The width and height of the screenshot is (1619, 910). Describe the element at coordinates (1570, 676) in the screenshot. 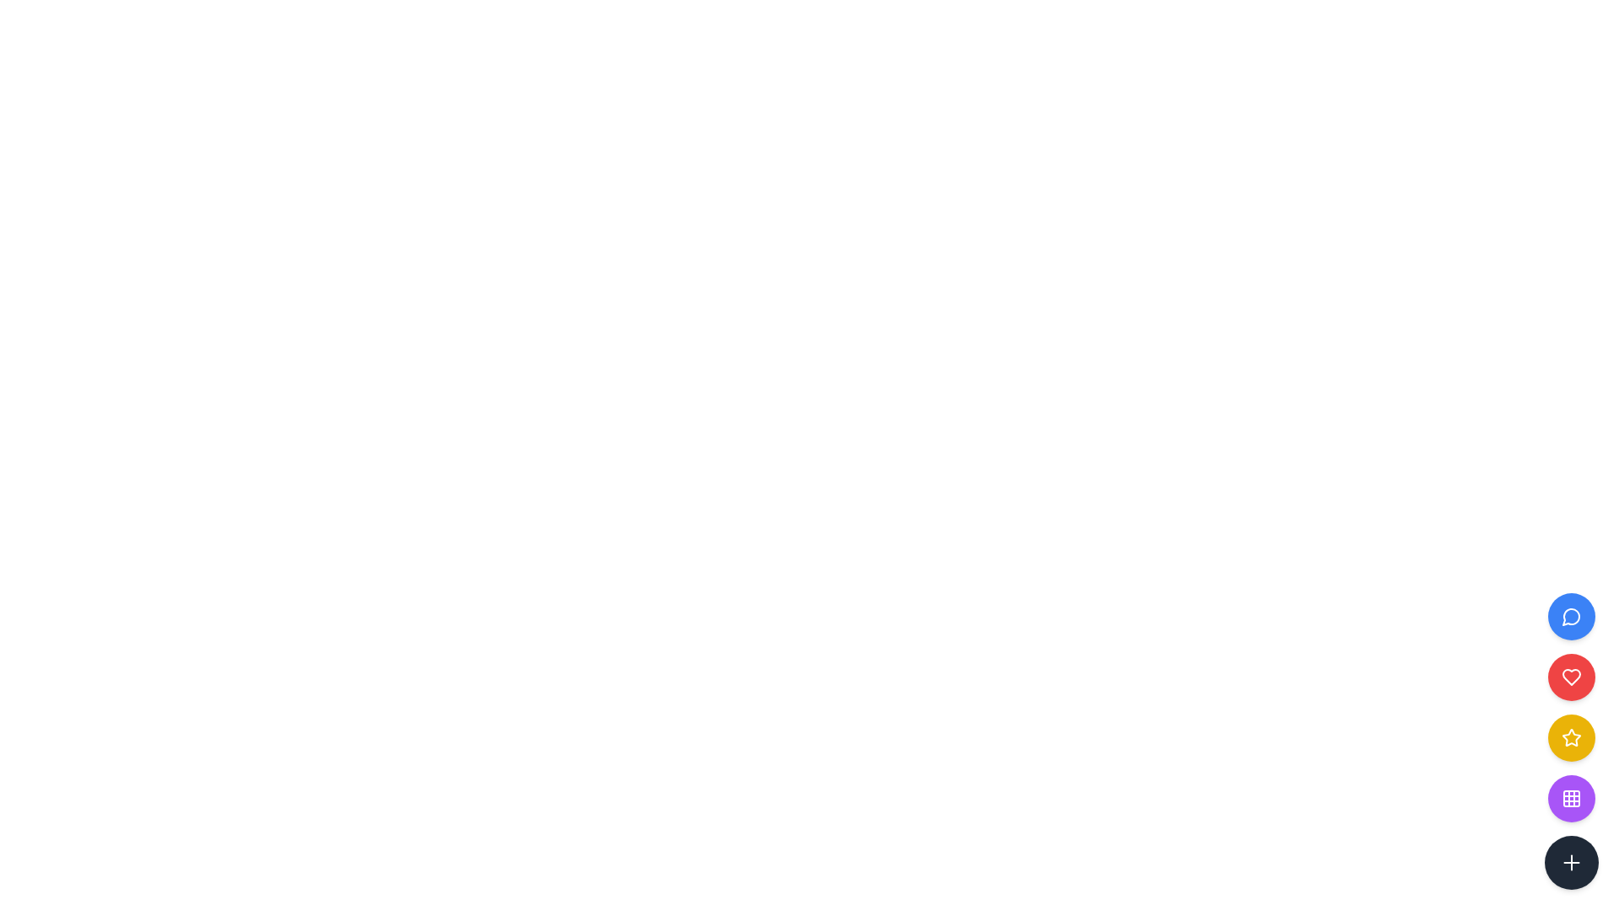

I see `the heart-shaped icon filled with red color to like something` at that location.